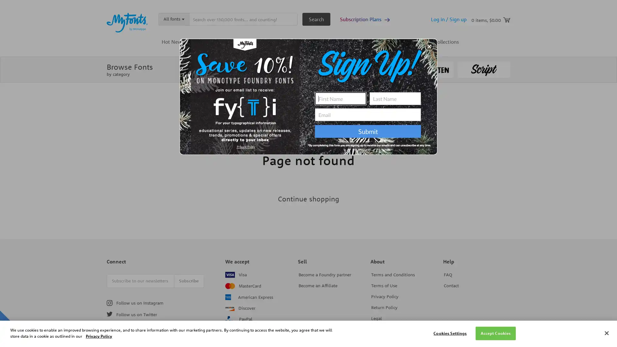  I want to click on Close, so click(429, 46).